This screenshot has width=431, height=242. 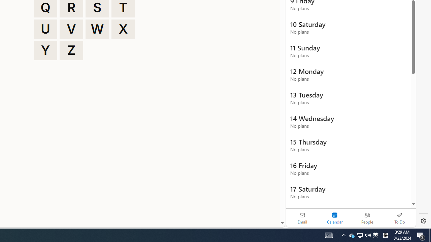 What do you see at coordinates (71, 29) in the screenshot?
I see `'V'` at bounding box center [71, 29].